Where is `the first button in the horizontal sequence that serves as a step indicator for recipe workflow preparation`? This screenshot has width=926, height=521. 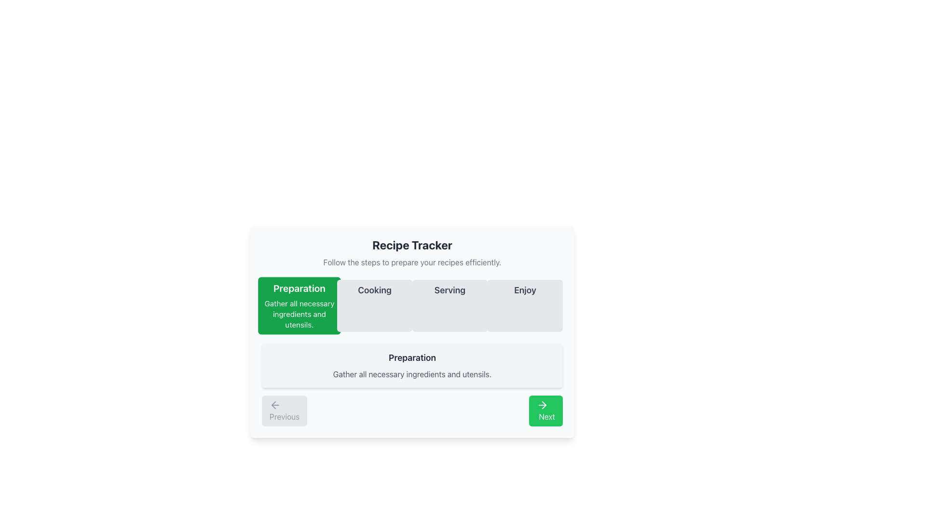
the first button in the horizontal sequence that serves as a step indicator for recipe workflow preparation is located at coordinates (299, 305).